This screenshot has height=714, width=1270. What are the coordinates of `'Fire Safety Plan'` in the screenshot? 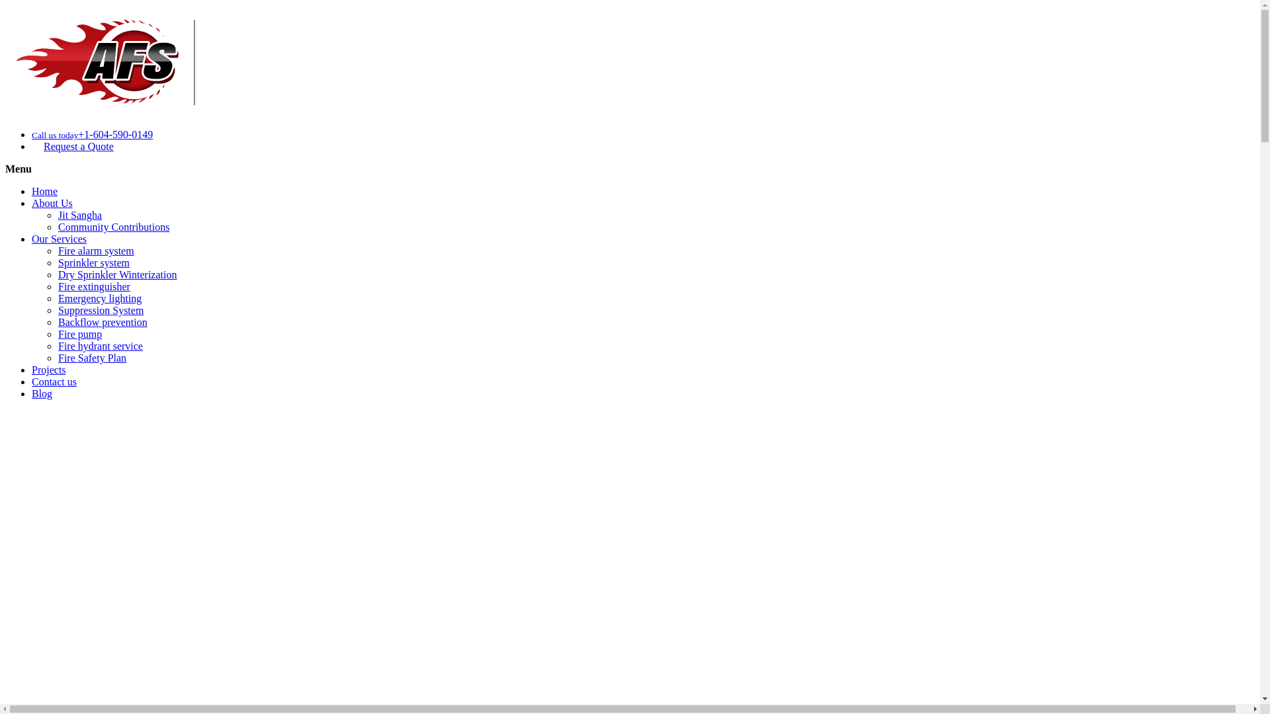 It's located at (91, 358).